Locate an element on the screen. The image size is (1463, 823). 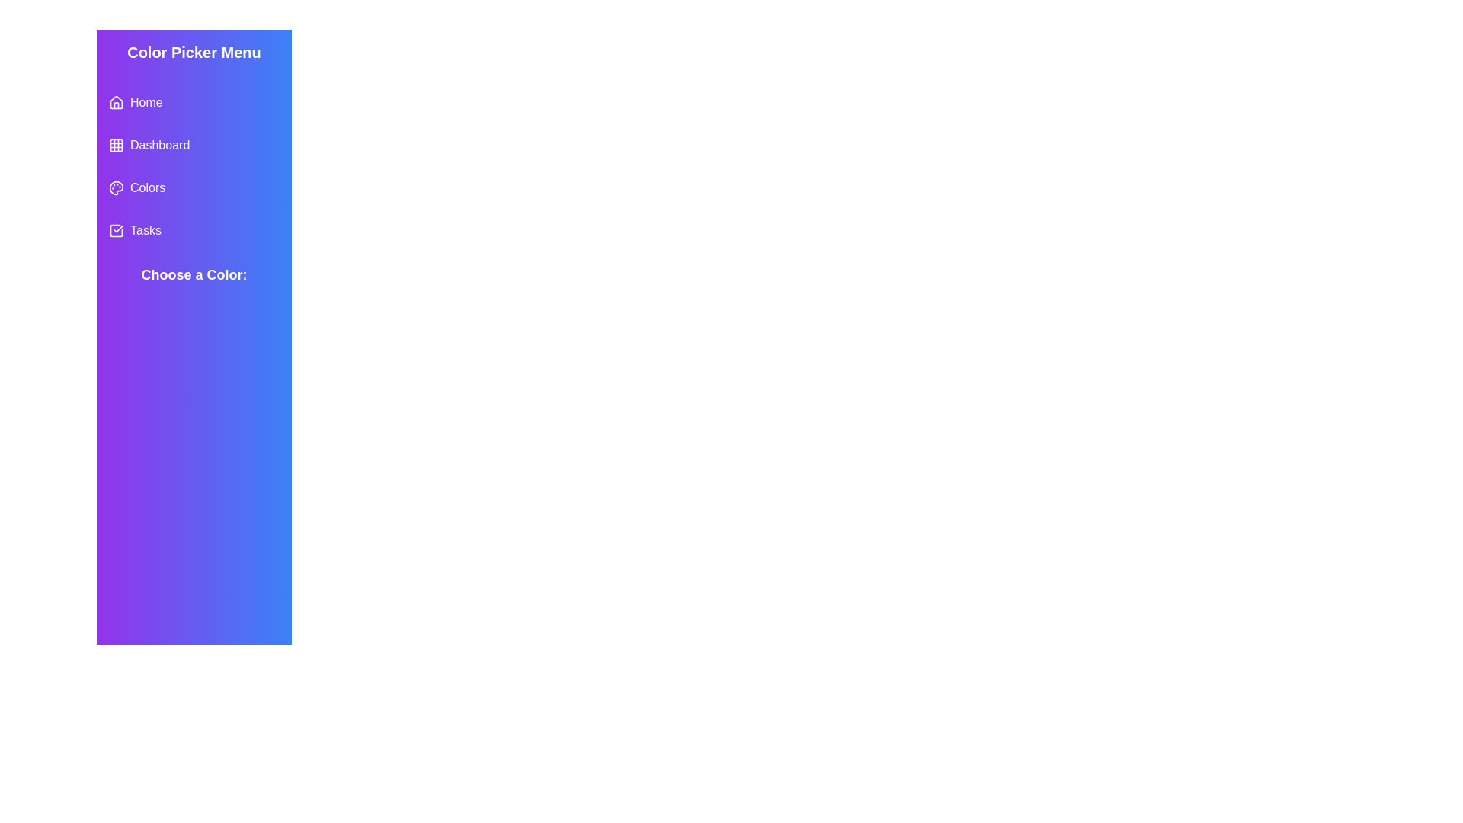
the static text label indicating the purpose of the color selection section, located in the left sidebar below the menu items is located at coordinates (193, 275).